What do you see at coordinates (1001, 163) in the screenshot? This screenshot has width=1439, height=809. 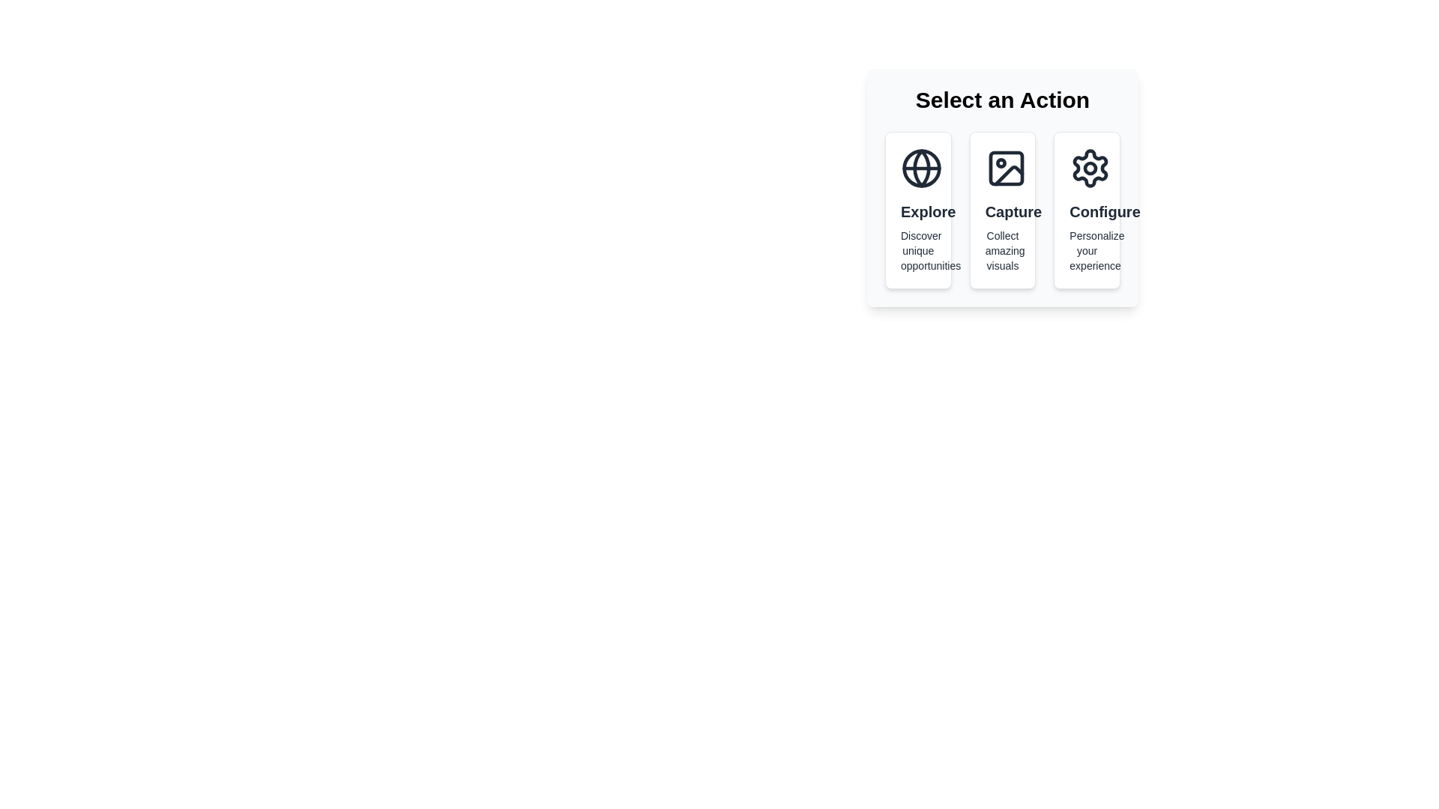 I see `the graphical detail within the 'Capture' action icon, which is centrally located among various options in a card layout` at bounding box center [1001, 163].